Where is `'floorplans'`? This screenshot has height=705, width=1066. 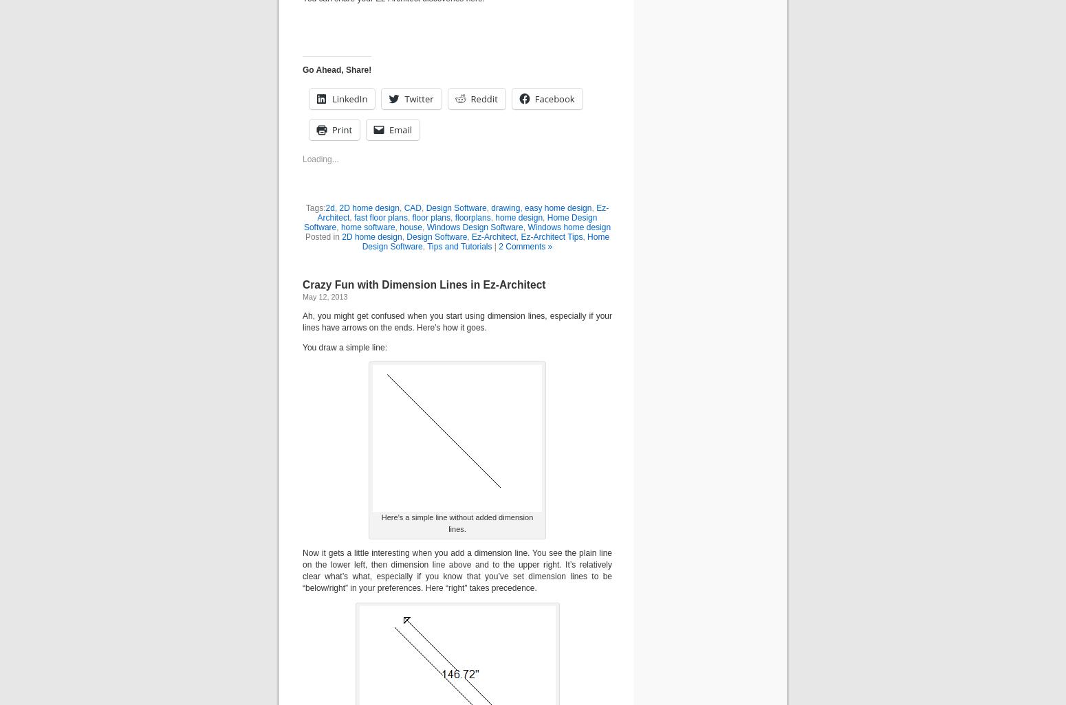 'floorplans' is located at coordinates (471, 217).